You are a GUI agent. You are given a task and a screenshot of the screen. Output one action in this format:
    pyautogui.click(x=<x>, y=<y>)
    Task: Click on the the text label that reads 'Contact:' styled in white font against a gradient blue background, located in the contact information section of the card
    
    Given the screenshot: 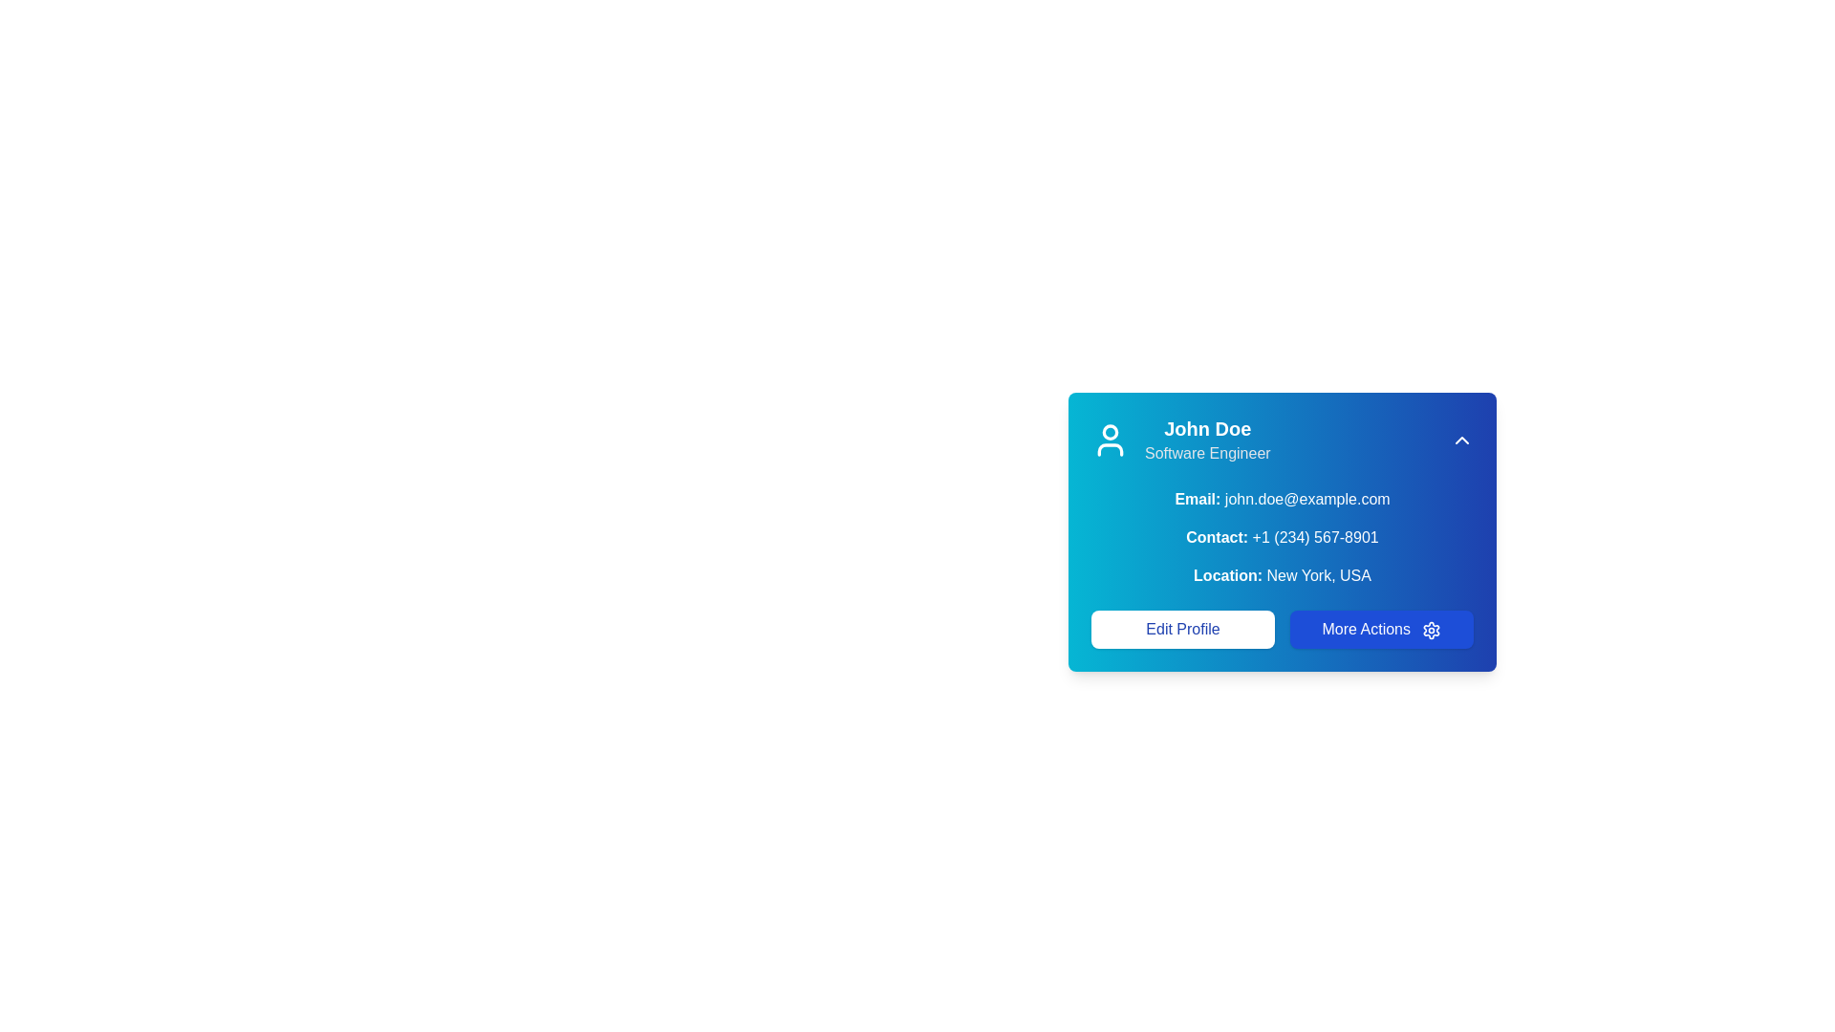 What is the action you would take?
    pyautogui.click(x=1216, y=537)
    